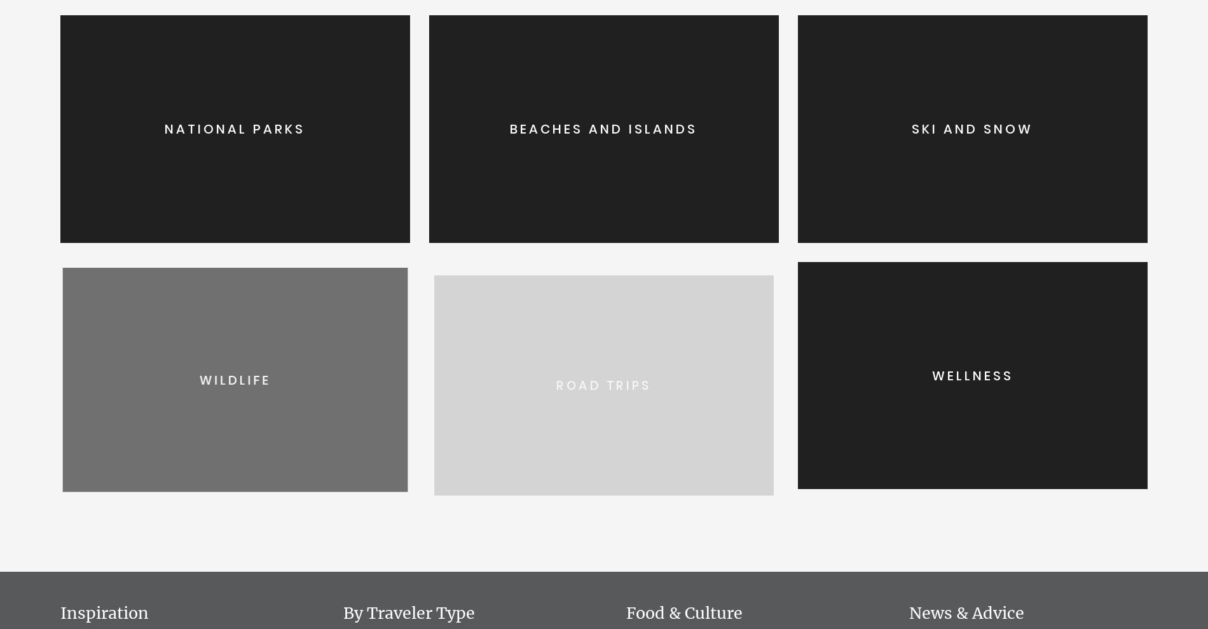 This screenshot has width=1208, height=629. Describe the element at coordinates (972, 128) in the screenshot. I see `'Ski and Snow'` at that location.